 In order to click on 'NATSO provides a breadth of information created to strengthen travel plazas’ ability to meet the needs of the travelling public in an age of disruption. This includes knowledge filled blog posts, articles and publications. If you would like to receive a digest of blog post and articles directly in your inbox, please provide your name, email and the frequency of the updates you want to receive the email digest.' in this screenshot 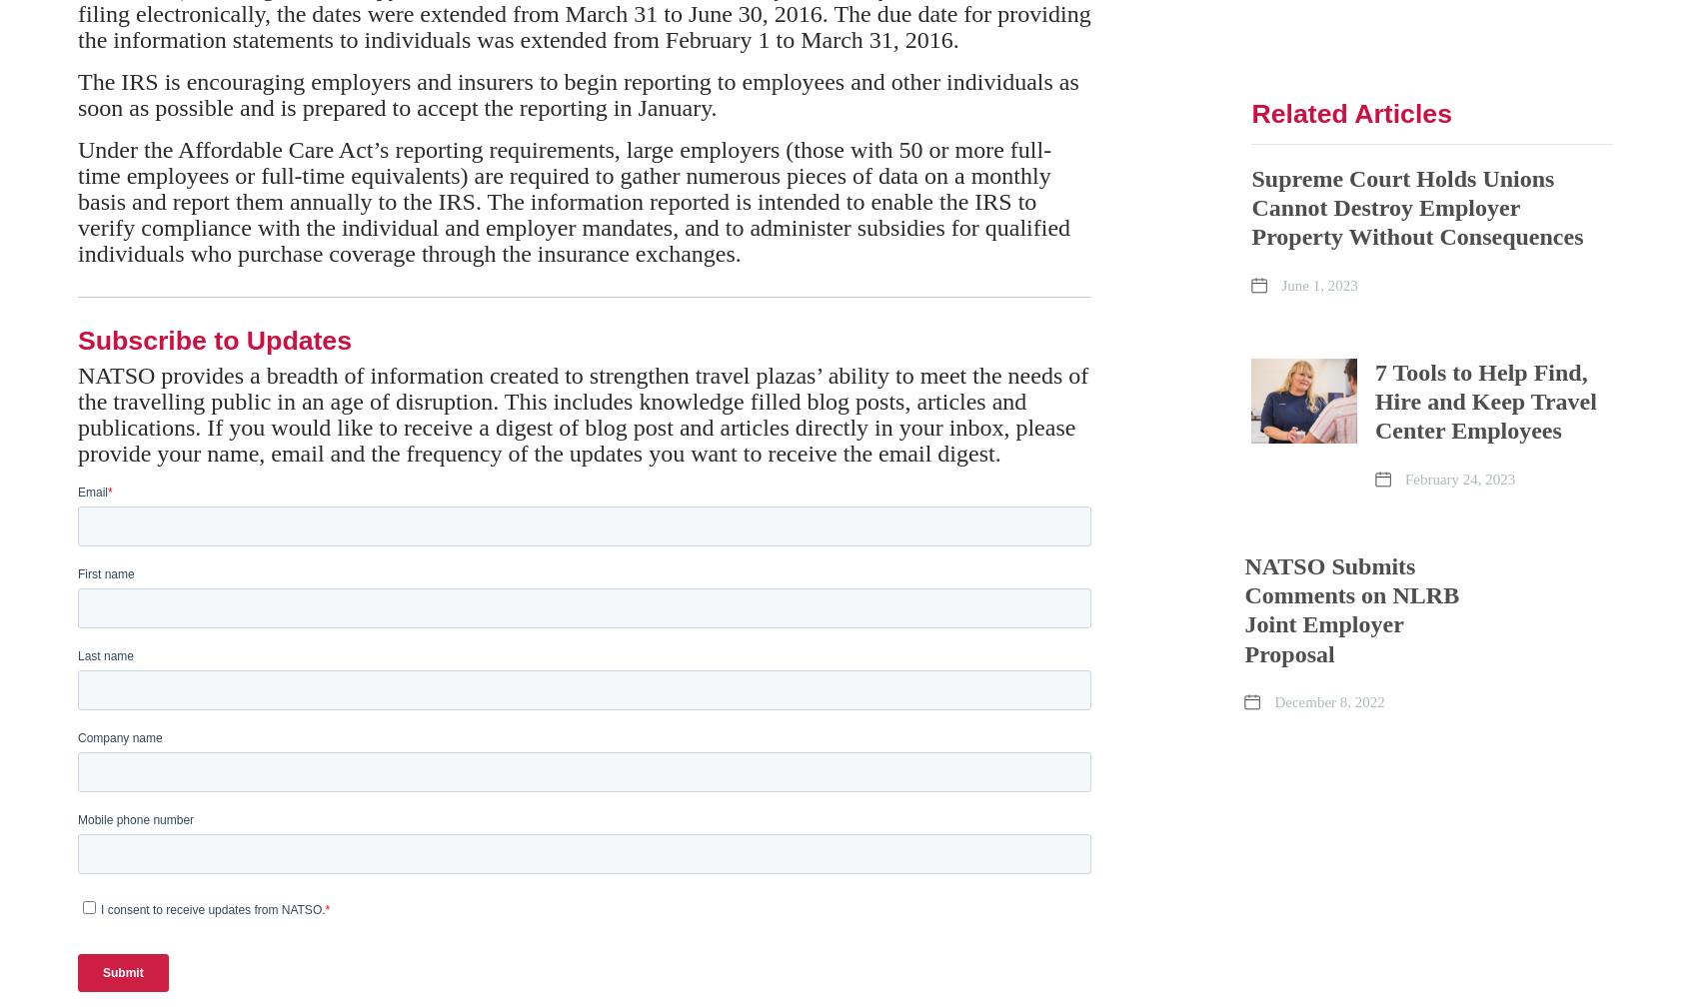, I will do `click(78, 413)`.